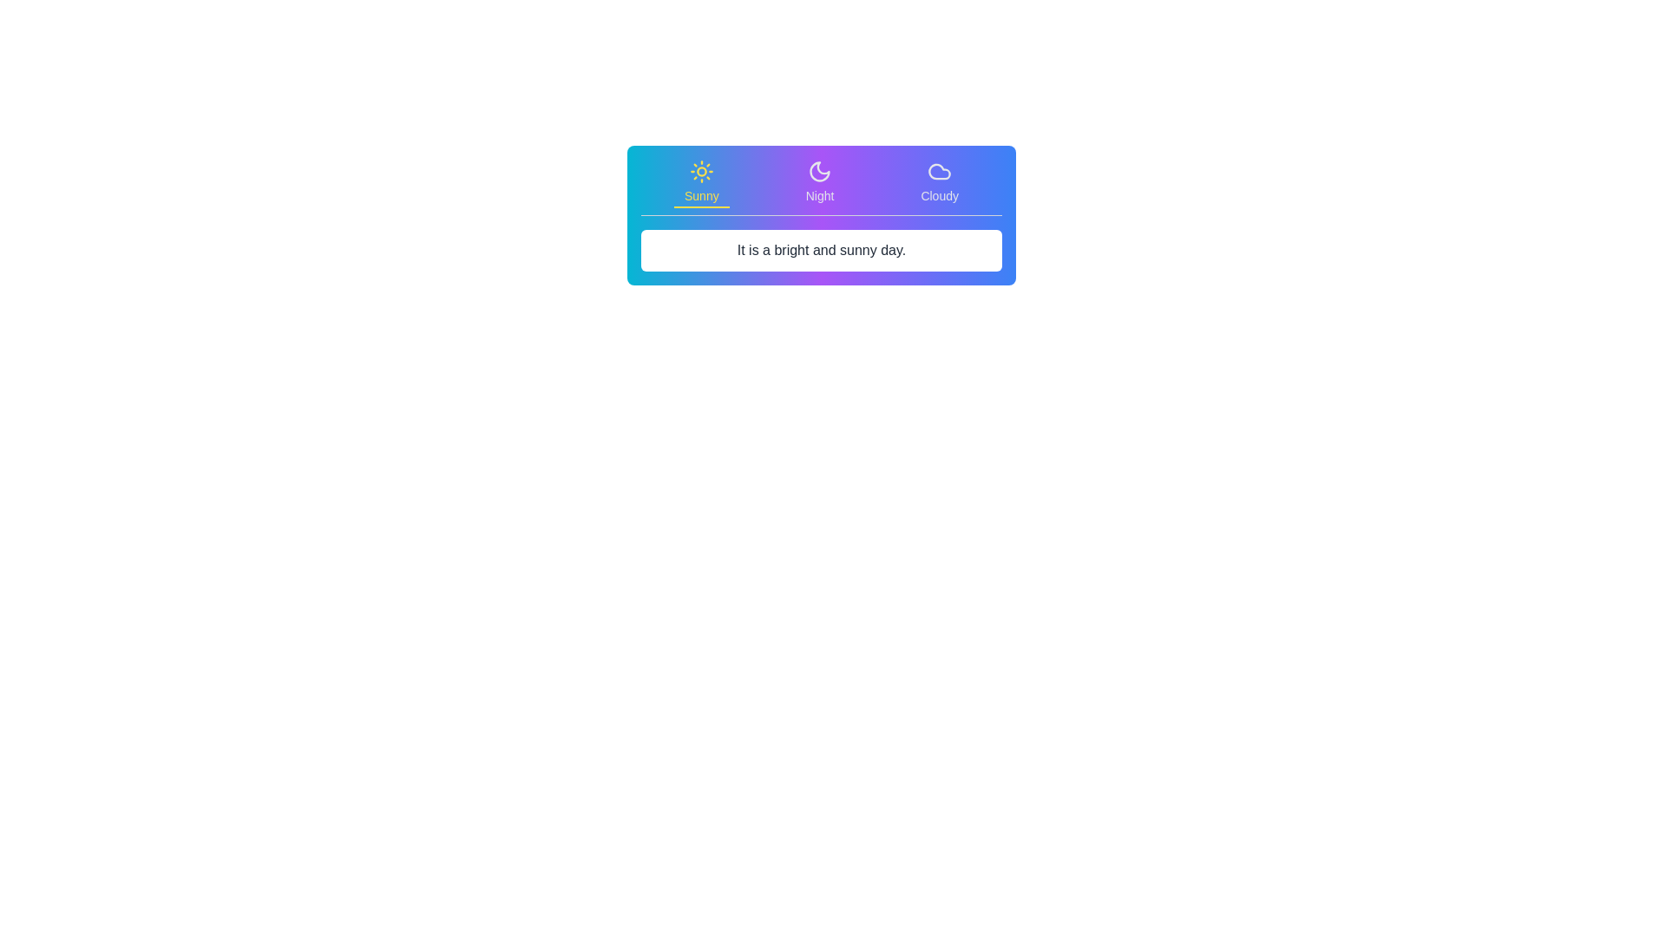  I want to click on the decorative crescent moon icon located above the 'Night' text on a purple background, so click(819, 171).